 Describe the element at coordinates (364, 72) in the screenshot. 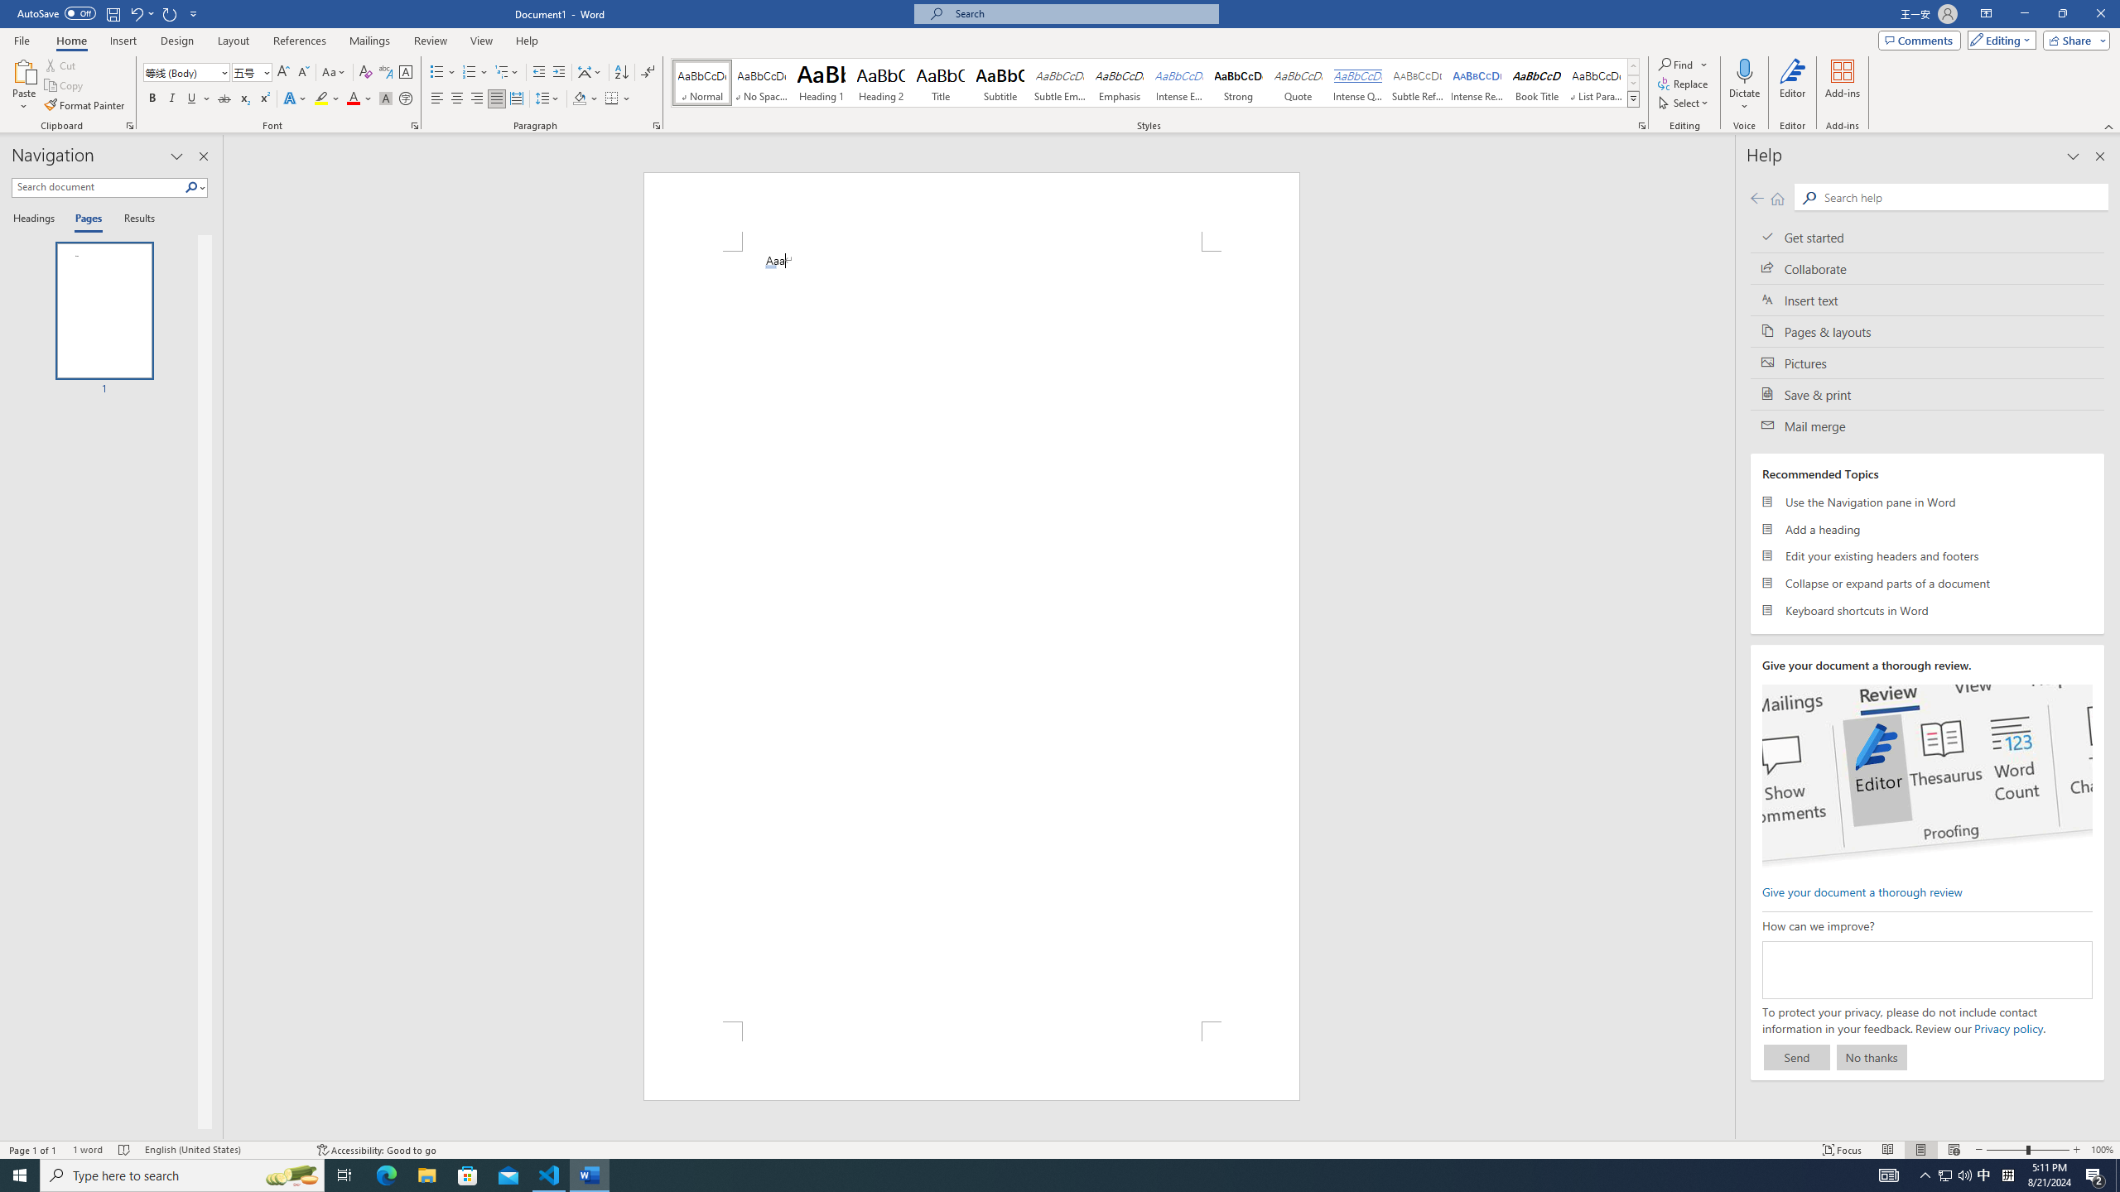

I see `'Clear Formatting'` at that location.